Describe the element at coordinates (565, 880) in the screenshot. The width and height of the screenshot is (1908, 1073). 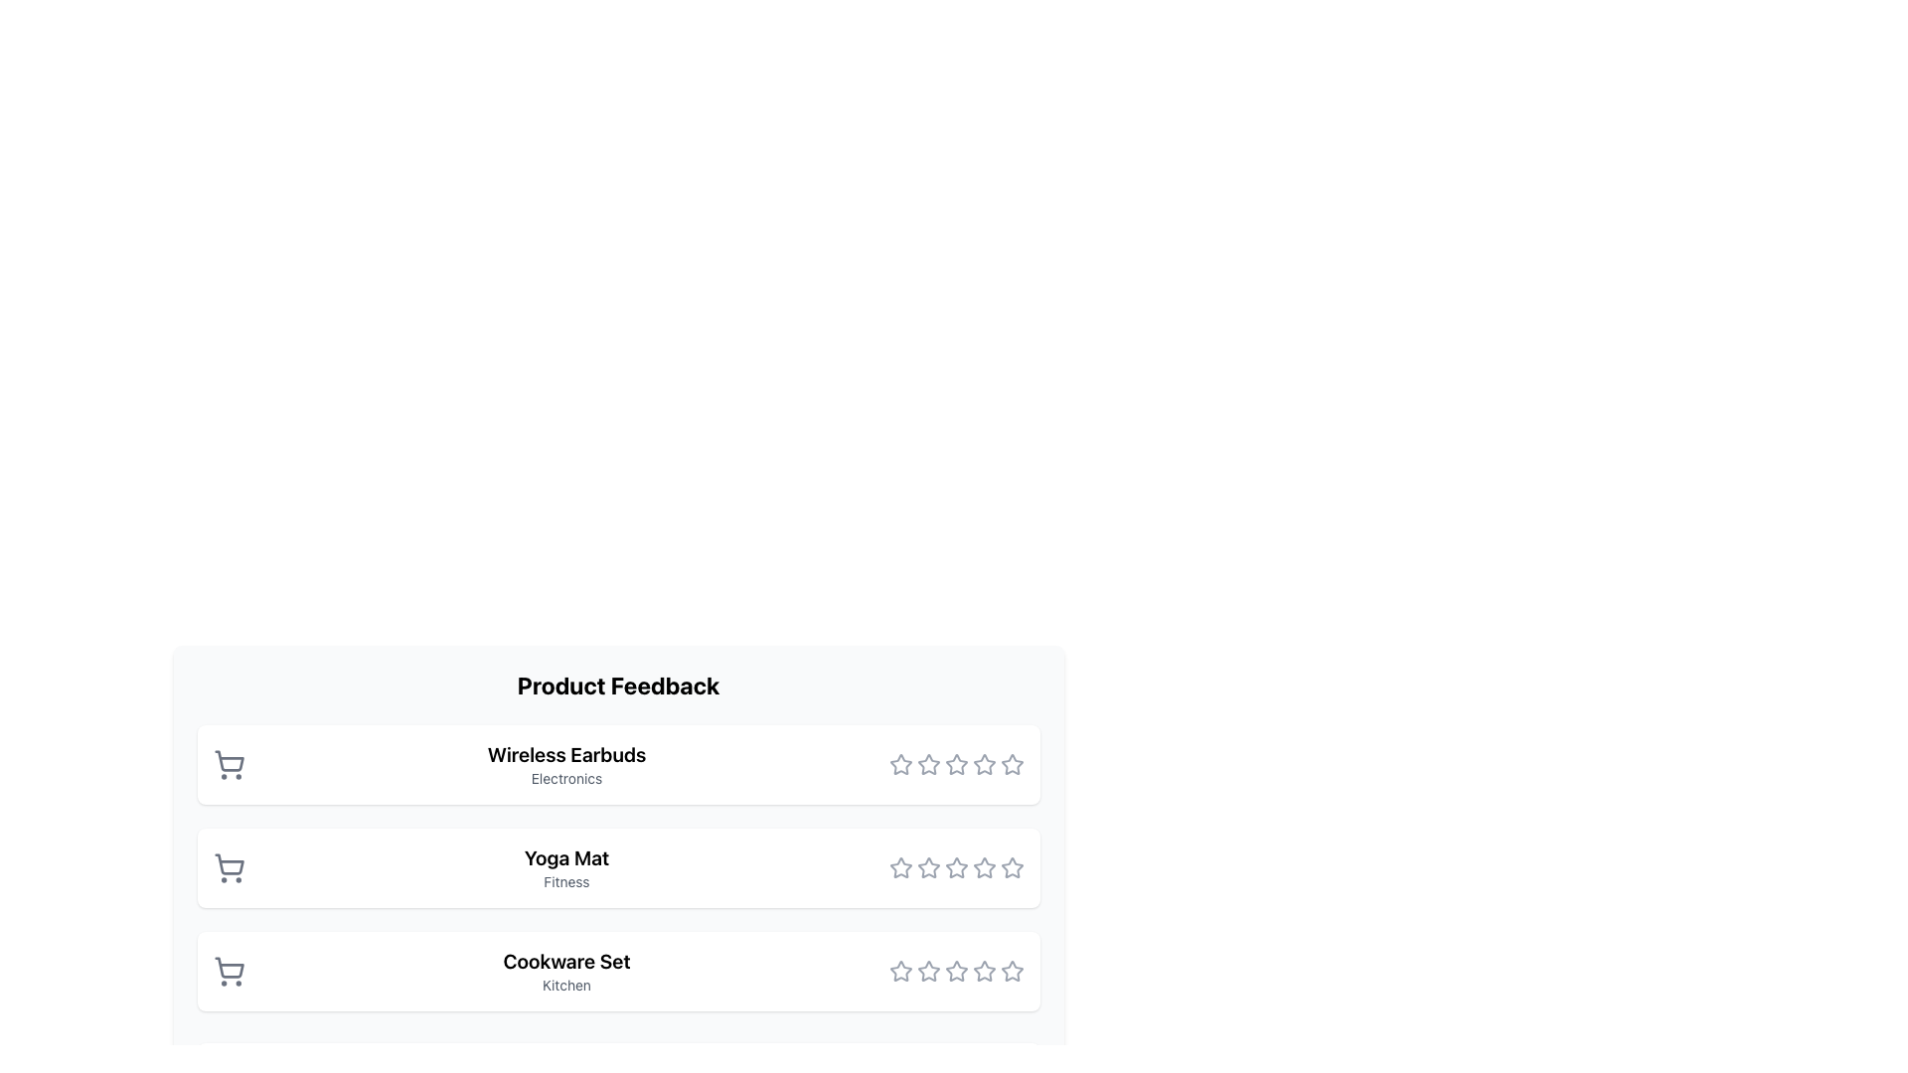
I see `the 'Fitness' text label, which is styled in gray and positioned below the 'Yoga Mat' title as part of a descriptor block` at that location.